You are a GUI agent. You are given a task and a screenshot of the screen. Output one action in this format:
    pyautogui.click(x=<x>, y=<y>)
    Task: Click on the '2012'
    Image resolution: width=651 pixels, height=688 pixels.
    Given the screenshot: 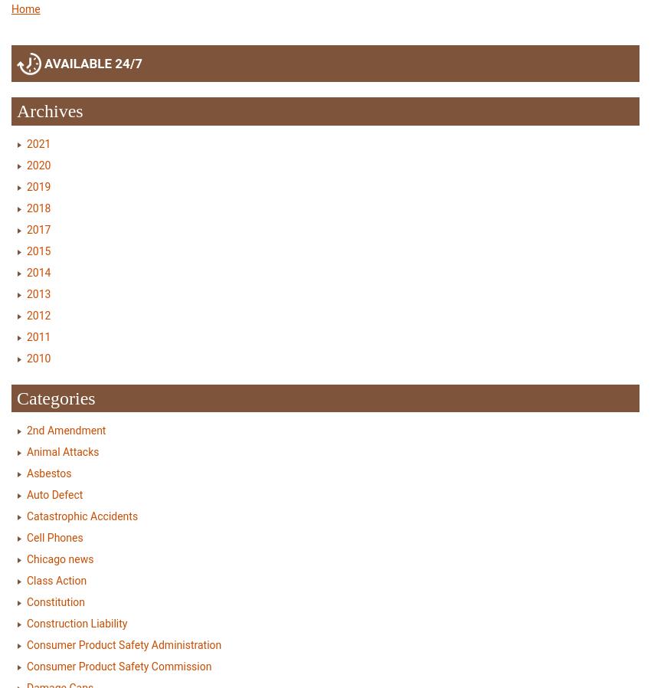 What is the action you would take?
    pyautogui.click(x=38, y=315)
    